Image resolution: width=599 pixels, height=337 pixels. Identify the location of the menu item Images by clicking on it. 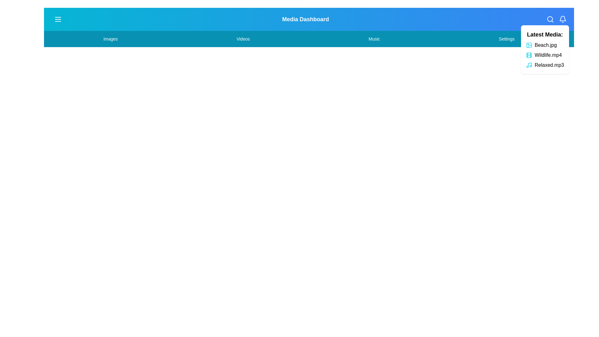
(110, 39).